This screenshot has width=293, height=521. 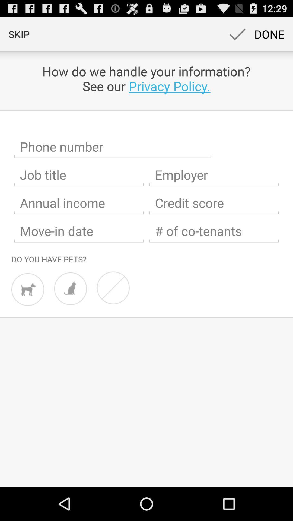 What do you see at coordinates (214, 175) in the screenshot?
I see `option` at bounding box center [214, 175].